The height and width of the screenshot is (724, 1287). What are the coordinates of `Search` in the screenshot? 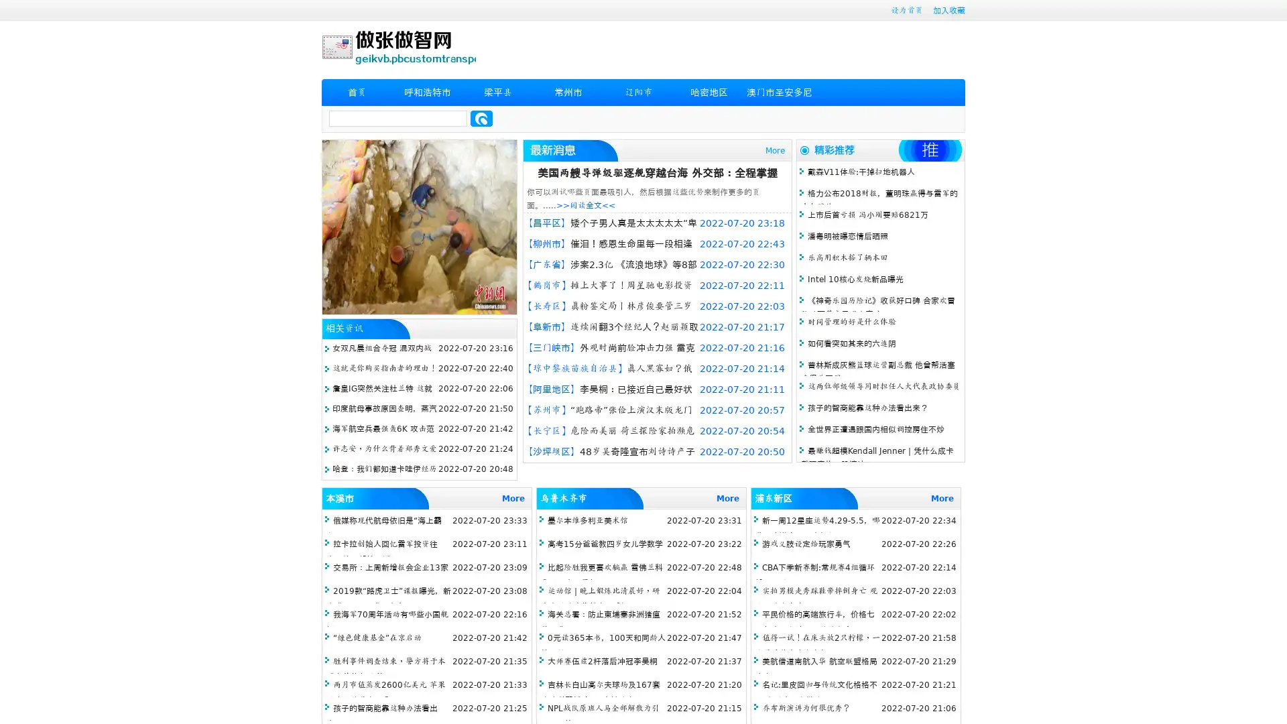 It's located at (481, 118).